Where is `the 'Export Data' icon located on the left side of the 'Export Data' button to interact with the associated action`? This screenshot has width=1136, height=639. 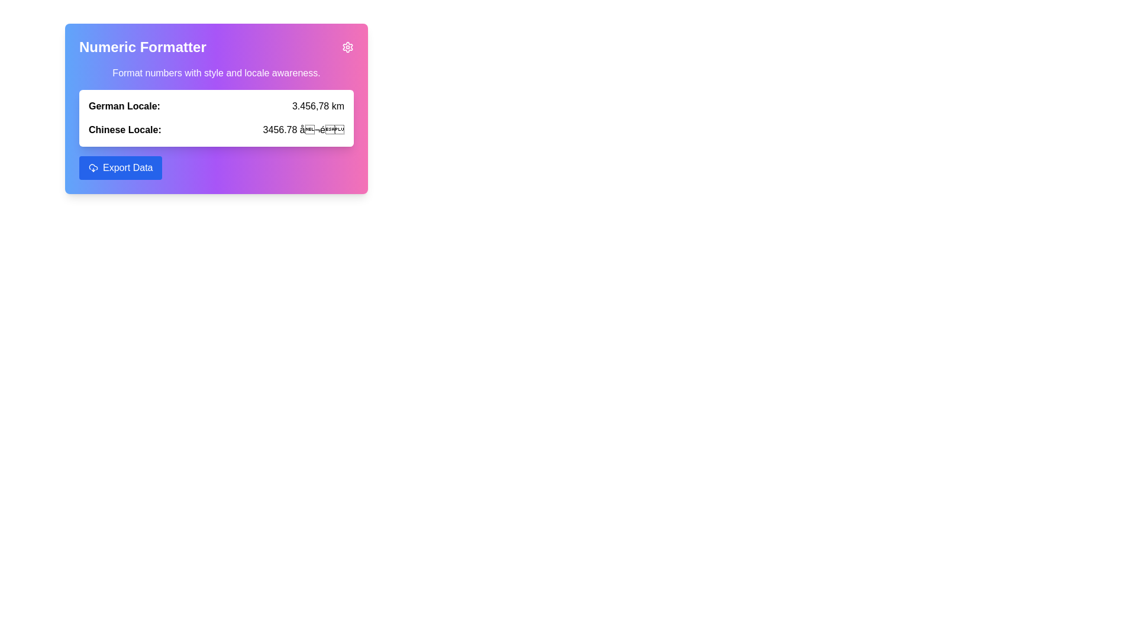
the 'Export Data' icon located on the left side of the 'Export Data' button to interact with the associated action is located at coordinates (93, 168).